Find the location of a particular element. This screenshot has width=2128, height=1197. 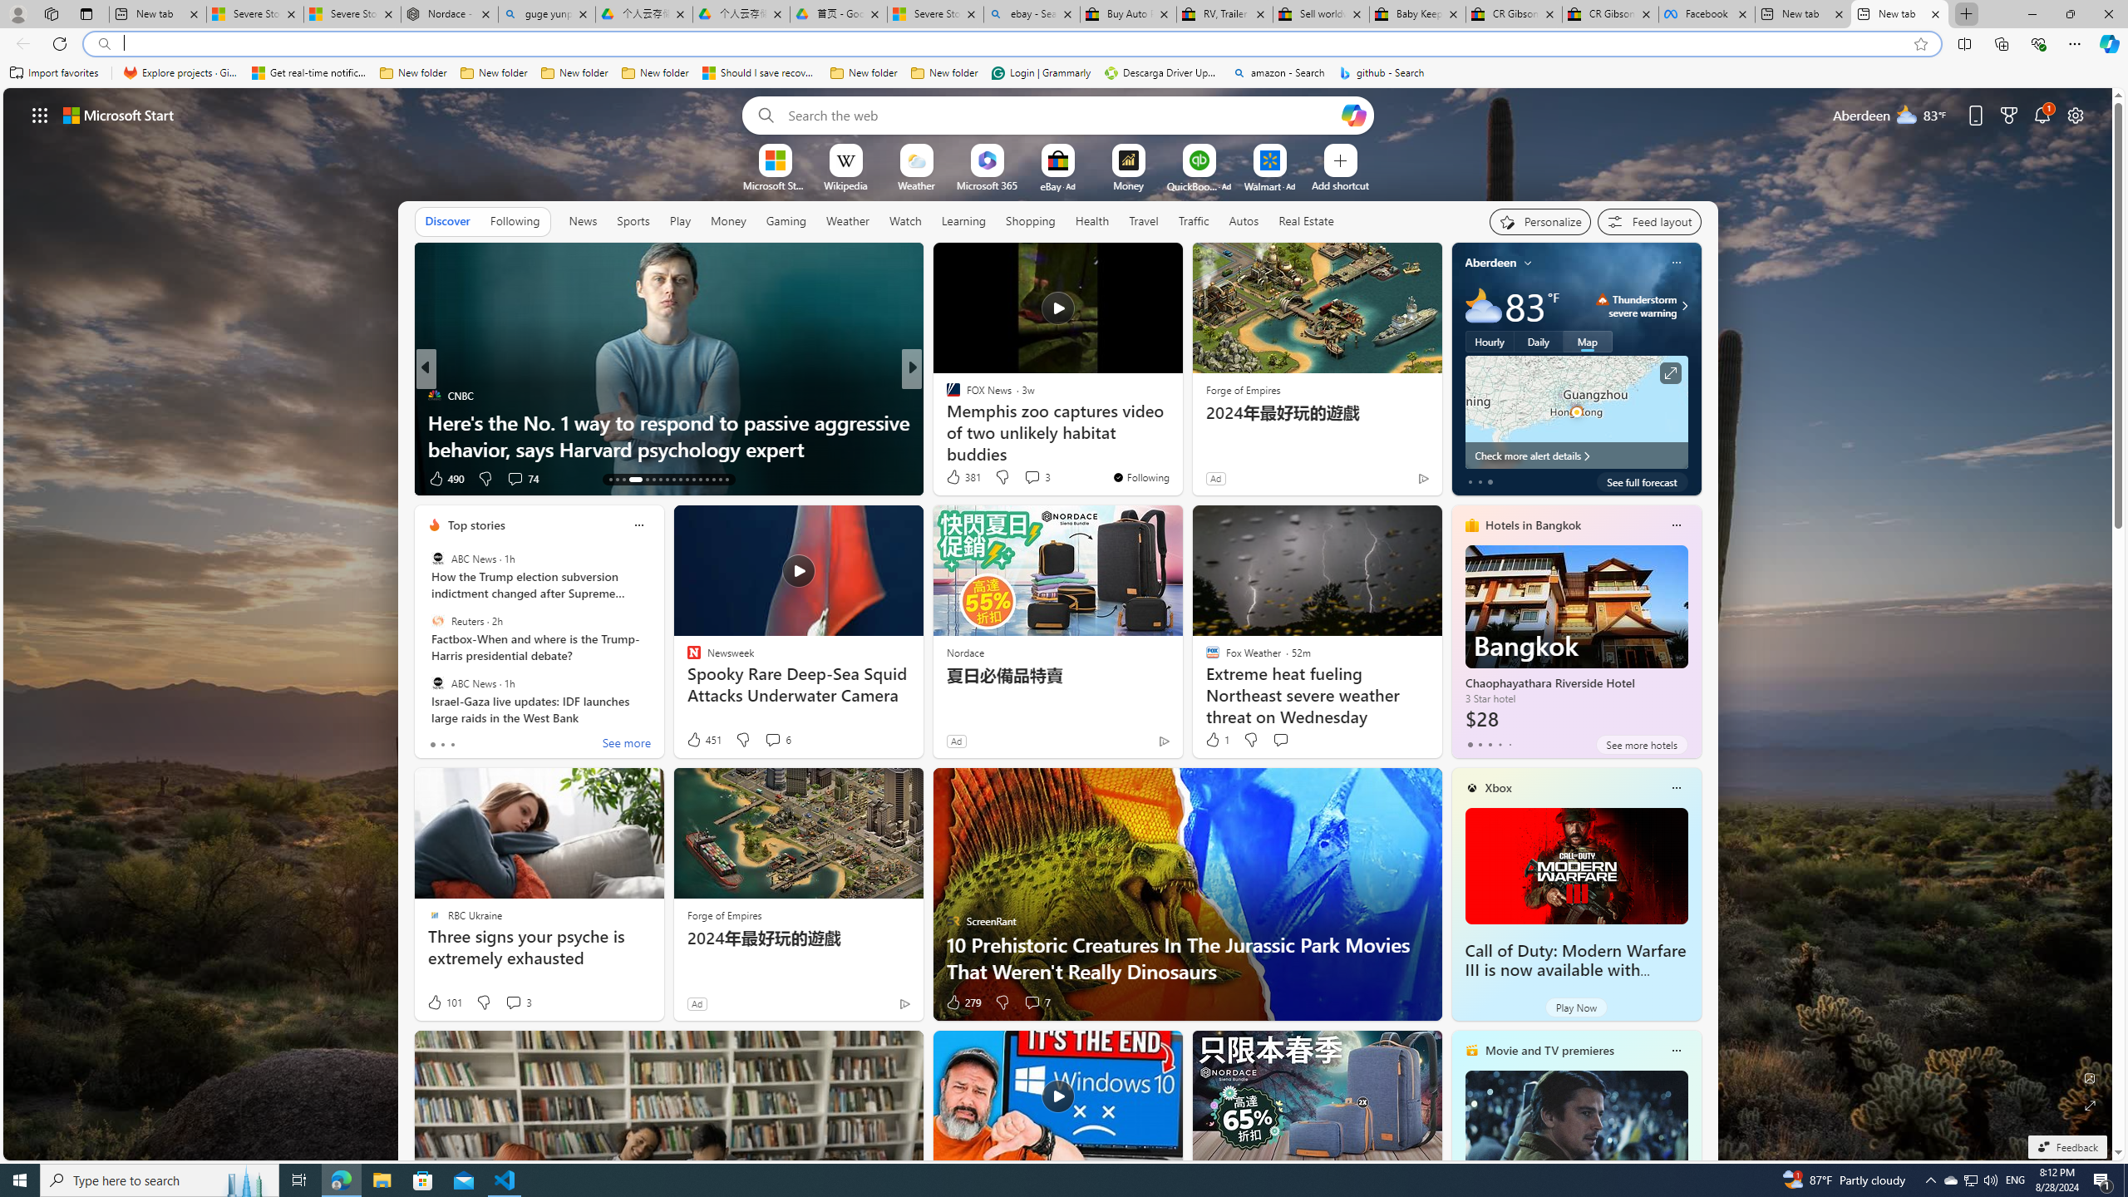

'Autos' is located at coordinates (1244, 220).